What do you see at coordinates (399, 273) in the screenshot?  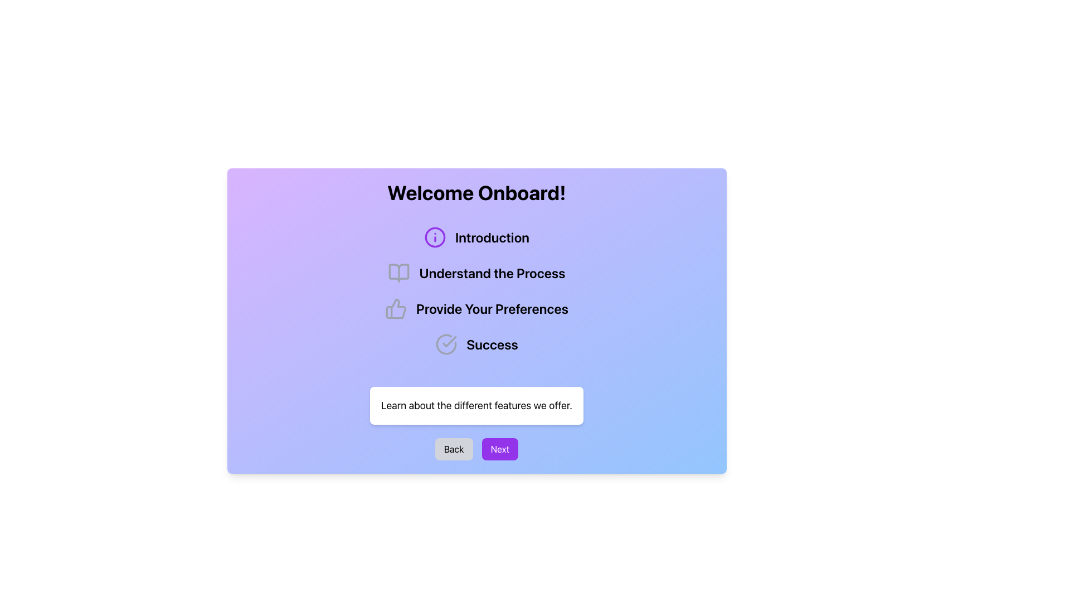 I see `the non-interactive icon representing the 'Understand the Process' step in the onboarding flow, which is the second icon in a vertical layout of onboarding steps` at bounding box center [399, 273].